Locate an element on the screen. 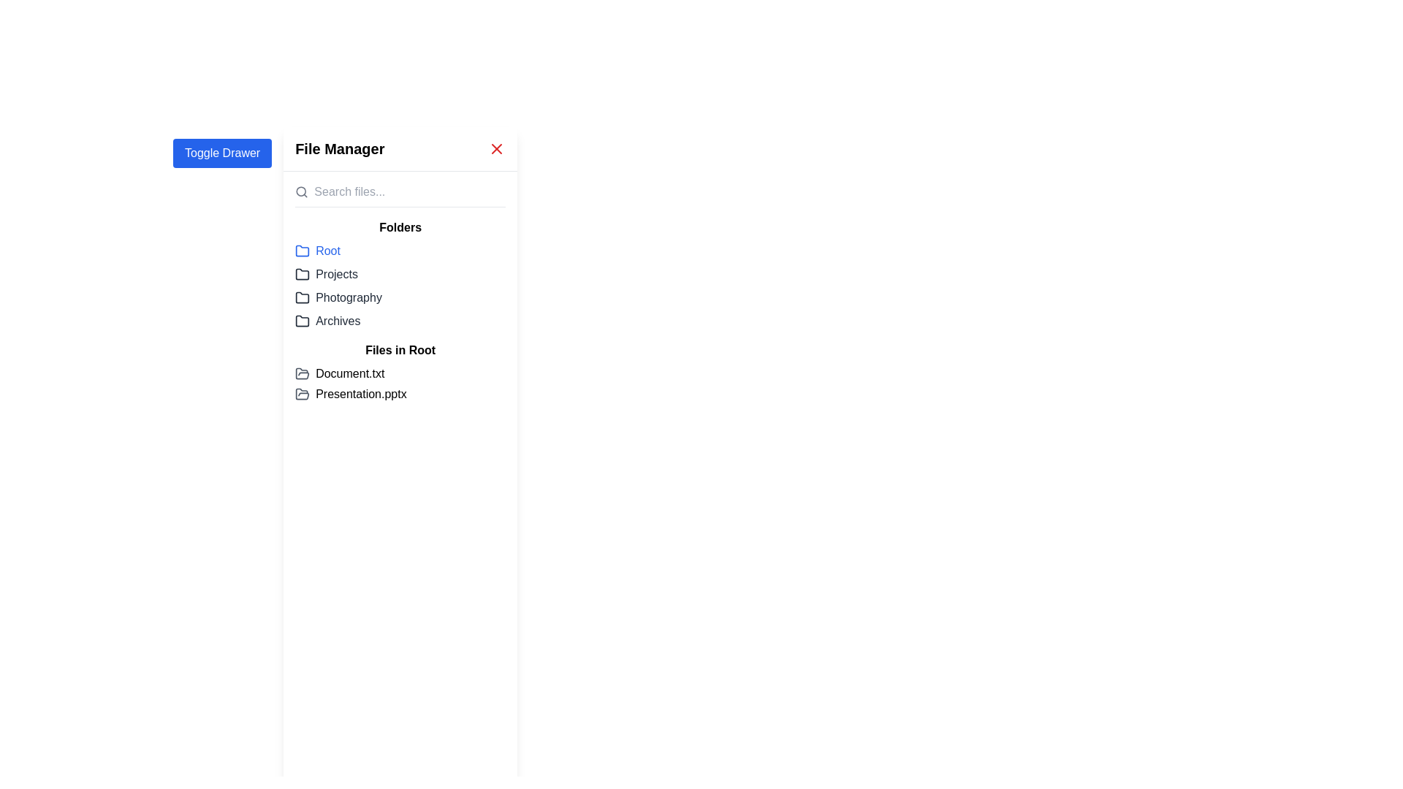  the 'Projects' folder listed under 'Folders' in the File Manager is located at coordinates (325, 274).